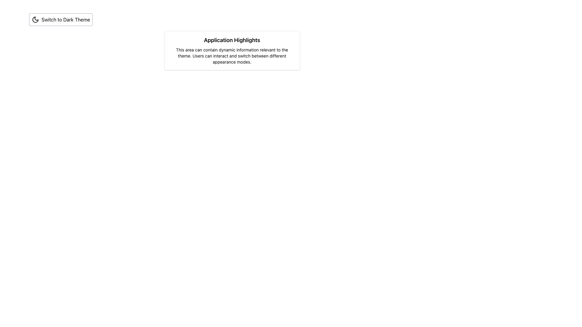 Image resolution: width=582 pixels, height=327 pixels. Describe the element at coordinates (61, 19) in the screenshot. I see `the 'Switch to Dark Theme' button, which is a rectangular button with a white background and a moon icon, located towards the top left corner of the interface` at that location.